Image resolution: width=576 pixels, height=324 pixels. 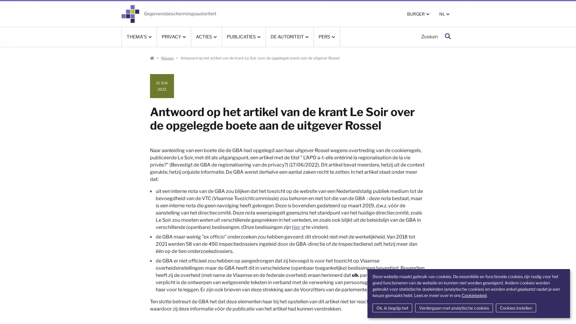 What do you see at coordinates (448, 37) in the screenshot?
I see `Zoeken` at bounding box center [448, 37].